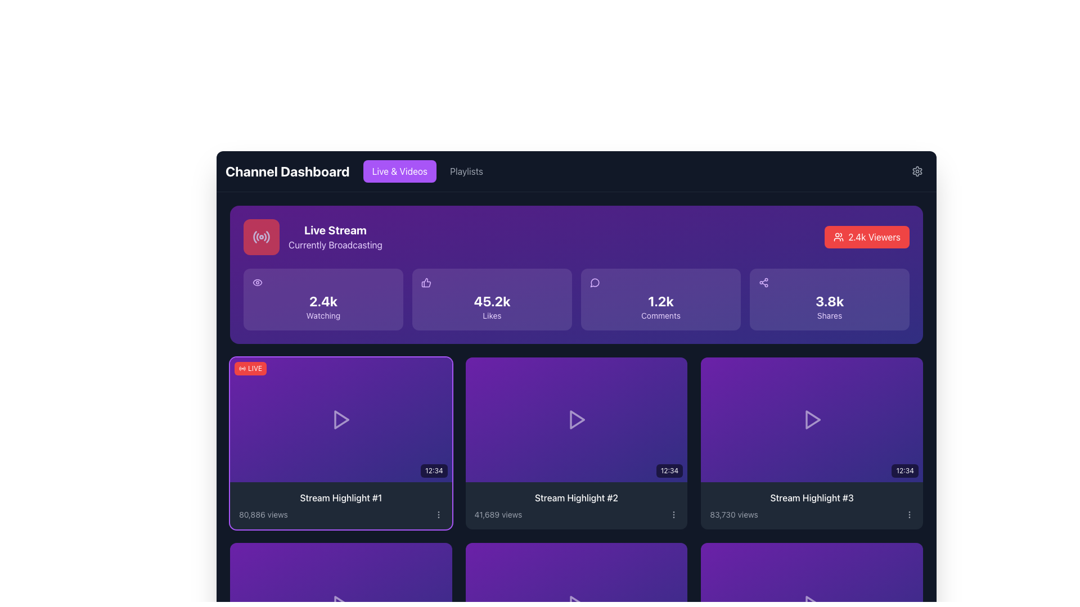  Describe the element at coordinates (734, 514) in the screenshot. I see `text label displaying '83,730 views' in light gray color, located at the bottom center of the 'Stream Highlight #3' box` at that location.